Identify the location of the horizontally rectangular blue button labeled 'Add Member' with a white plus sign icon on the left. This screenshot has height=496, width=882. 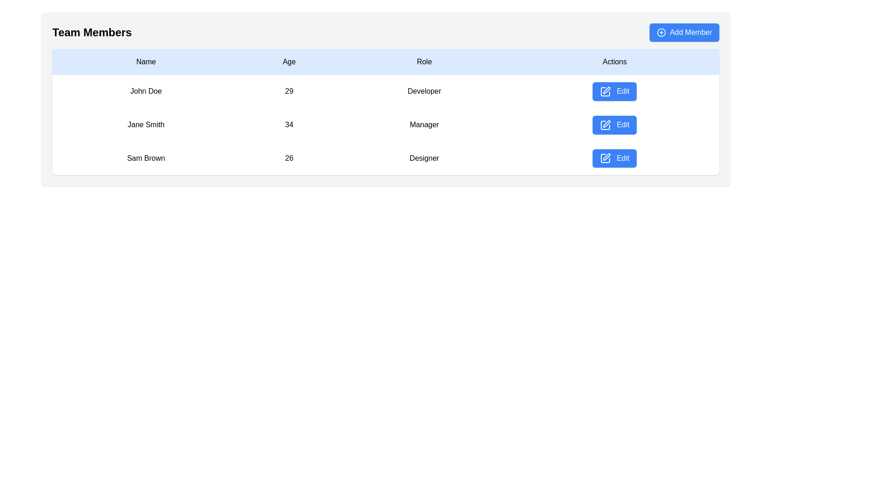
(684, 32).